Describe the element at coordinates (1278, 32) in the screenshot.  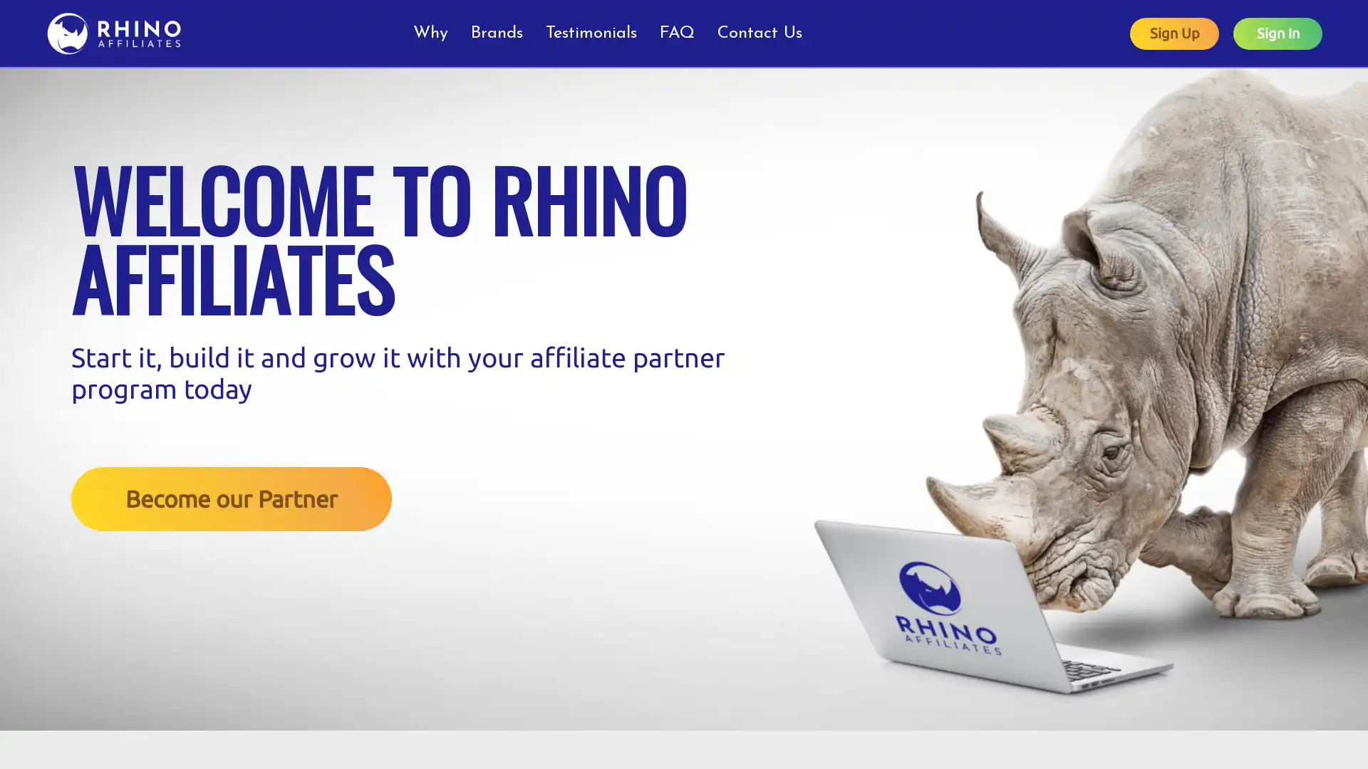
I see `Sign In` at that location.